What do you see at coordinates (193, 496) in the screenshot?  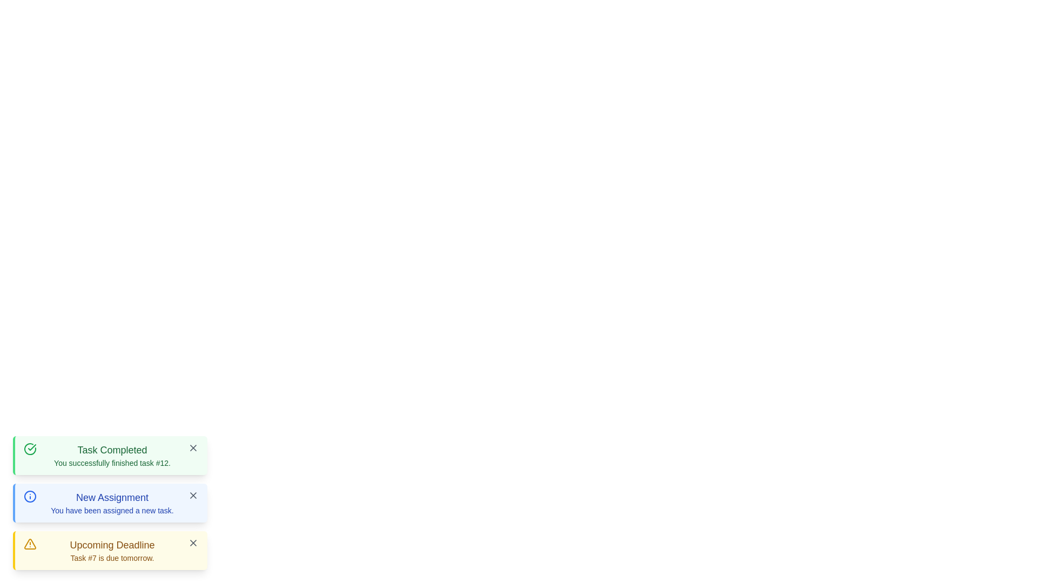 I see `the upper diagonal line of the cross icon within the blue notification card labeled 'New Assignment'` at bounding box center [193, 496].